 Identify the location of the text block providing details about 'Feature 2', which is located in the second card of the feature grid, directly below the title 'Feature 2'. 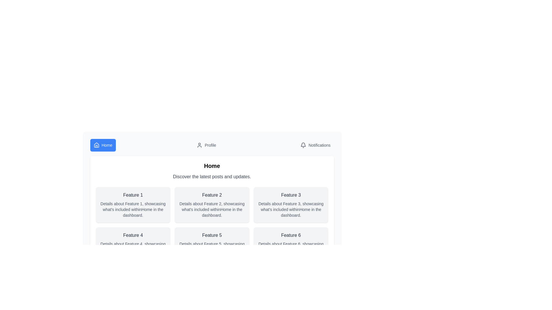
(212, 209).